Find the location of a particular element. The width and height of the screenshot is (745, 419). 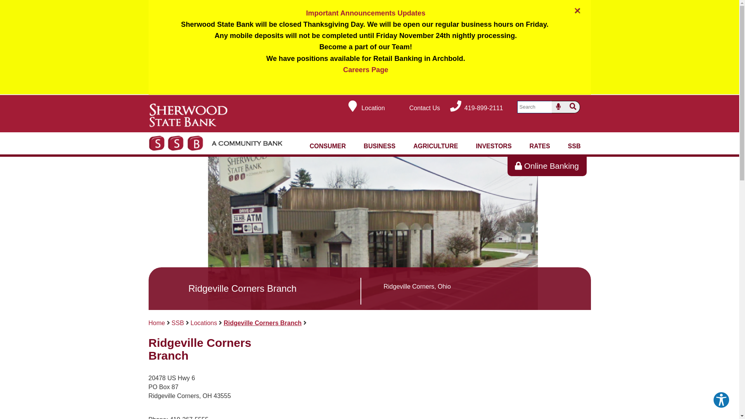

'Careers Page' is located at coordinates (342, 70).